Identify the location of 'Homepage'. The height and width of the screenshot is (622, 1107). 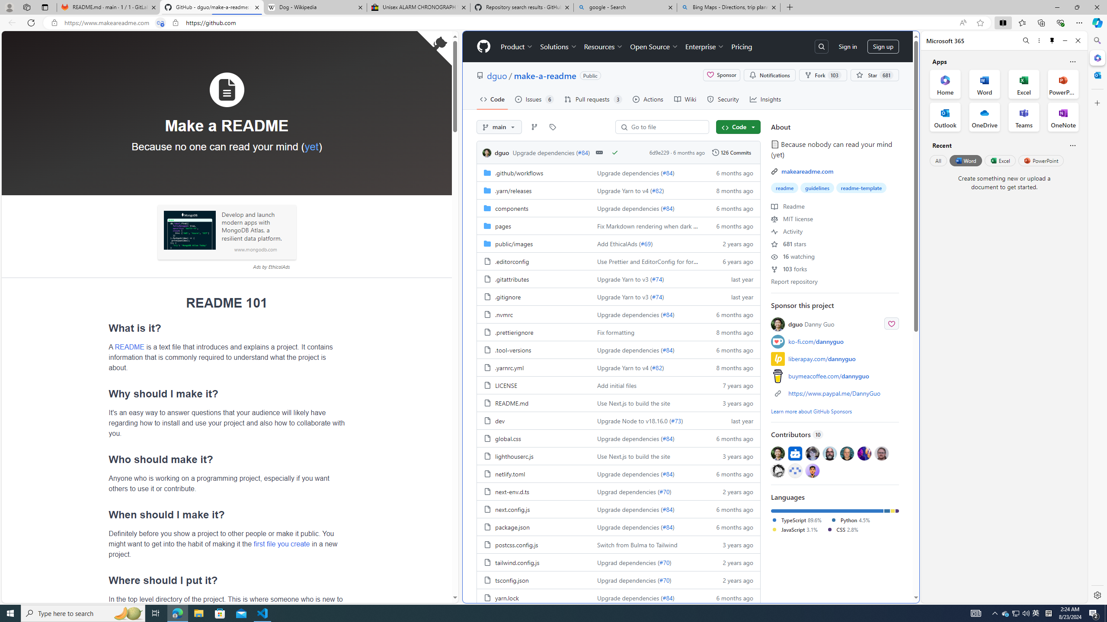
(483, 46).